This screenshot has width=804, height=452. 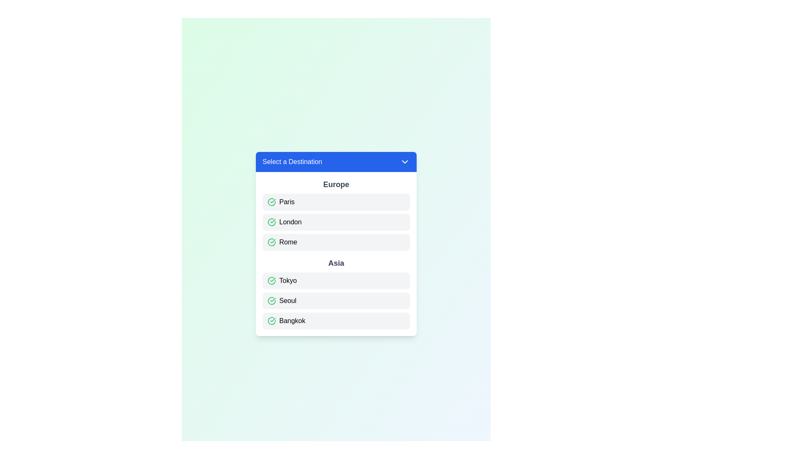 What do you see at coordinates (271, 202) in the screenshot?
I see `the first icon indicating the selection of the 'Paris' option in the dropdown menu for status indication` at bounding box center [271, 202].